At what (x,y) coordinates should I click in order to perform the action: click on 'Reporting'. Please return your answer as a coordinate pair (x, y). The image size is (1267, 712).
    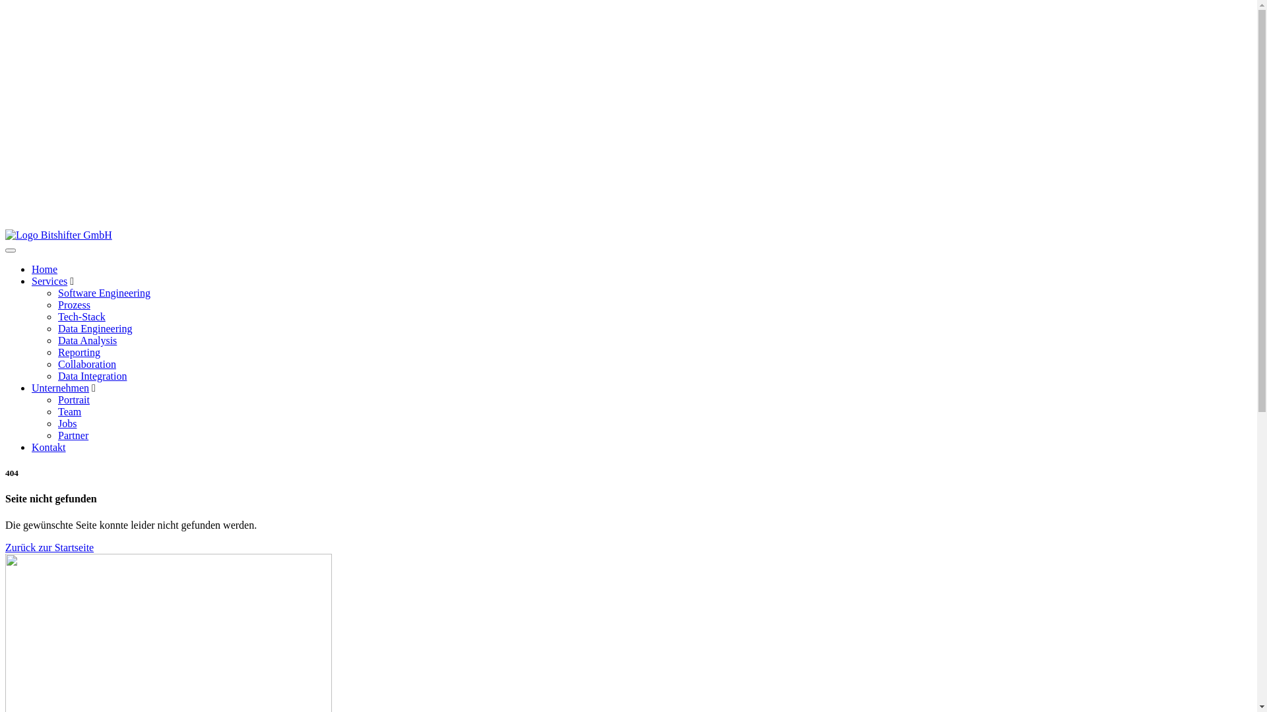
    Looking at the image, I should click on (79, 351).